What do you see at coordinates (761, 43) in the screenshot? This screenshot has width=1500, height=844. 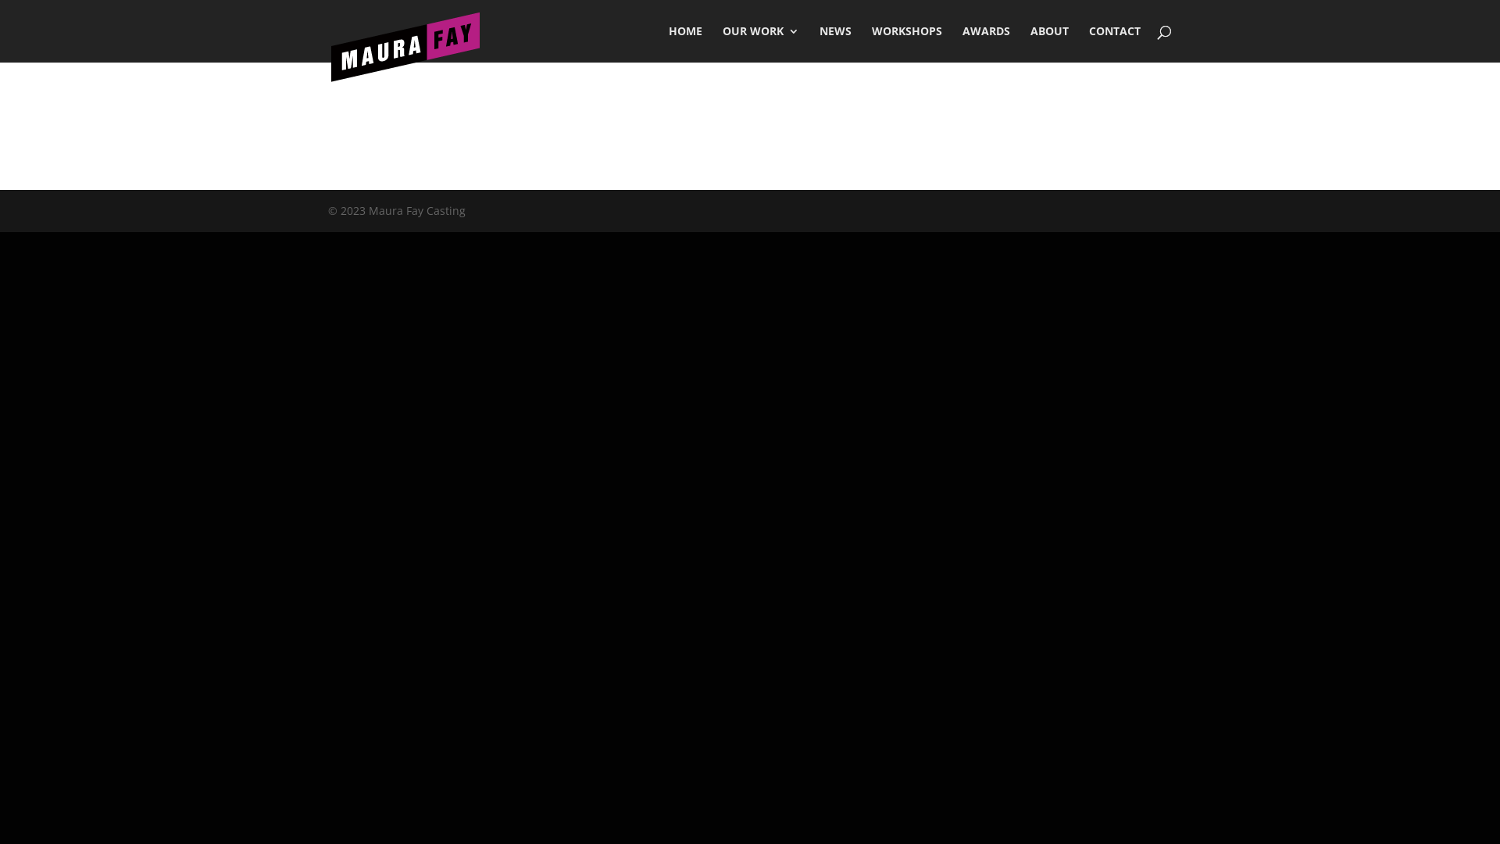 I see `'OUR WORK'` at bounding box center [761, 43].